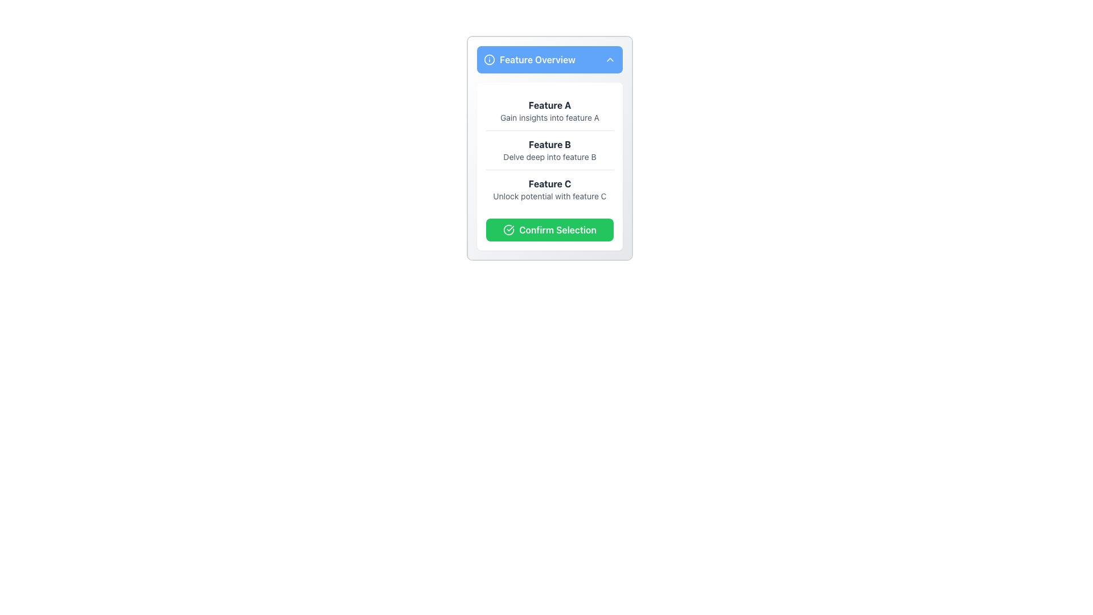 Image resolution: width=1093 pixels, height=615 pixels. What do you see at coordinates (508, 230) in the screenshot?
I see `the arc-shaped segment within the green circle icon of the 'Confirm Selection' button, located at the bottom of the dialog box` at bounding box center [508, 230].